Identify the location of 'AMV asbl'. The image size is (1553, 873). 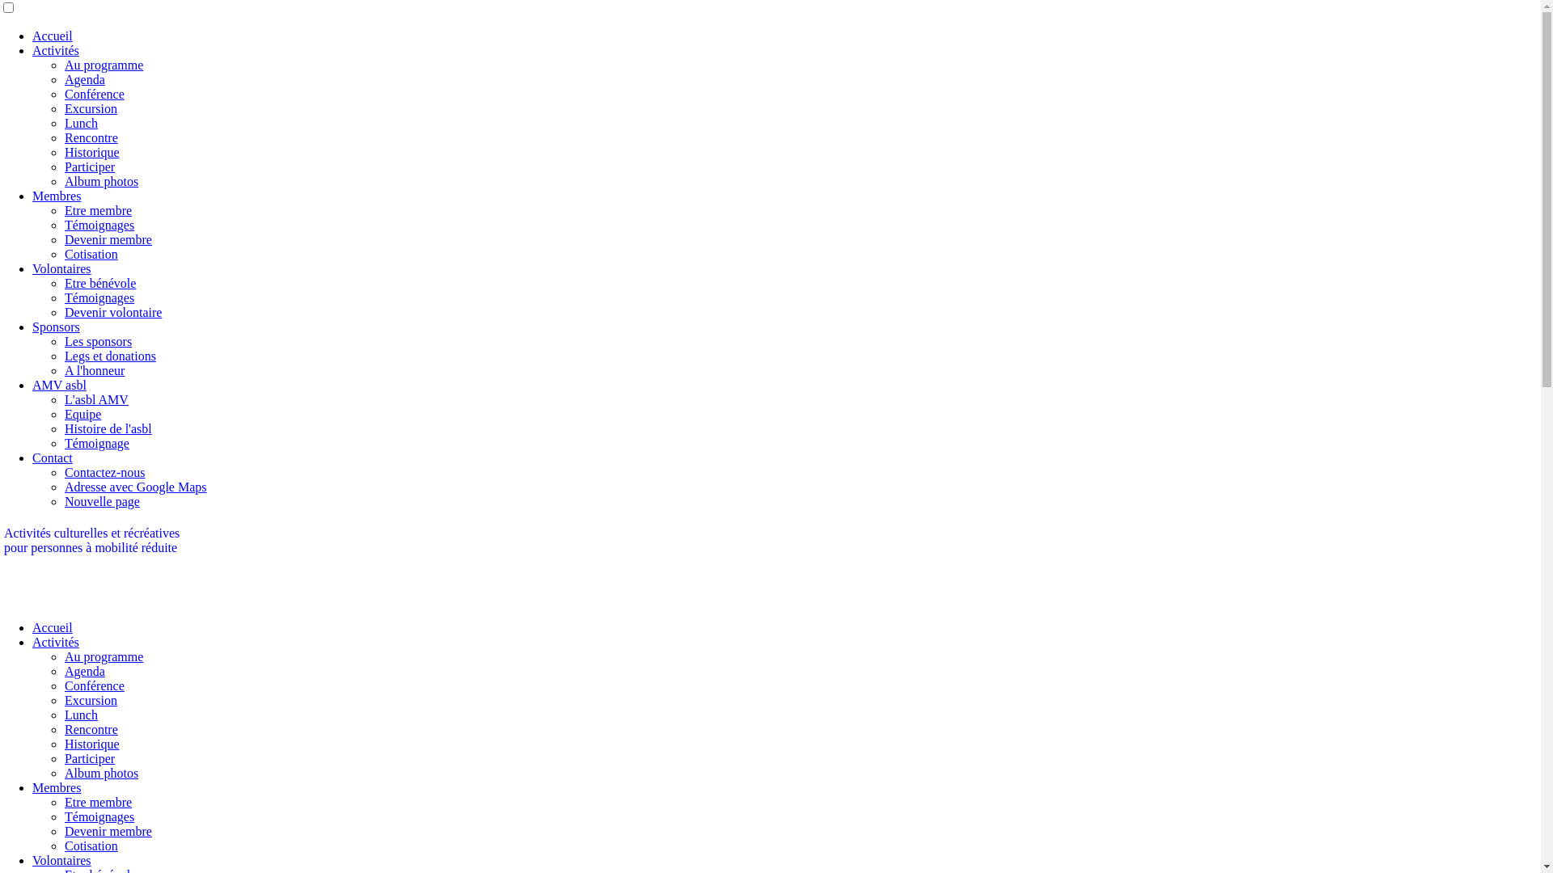
(32, 385).